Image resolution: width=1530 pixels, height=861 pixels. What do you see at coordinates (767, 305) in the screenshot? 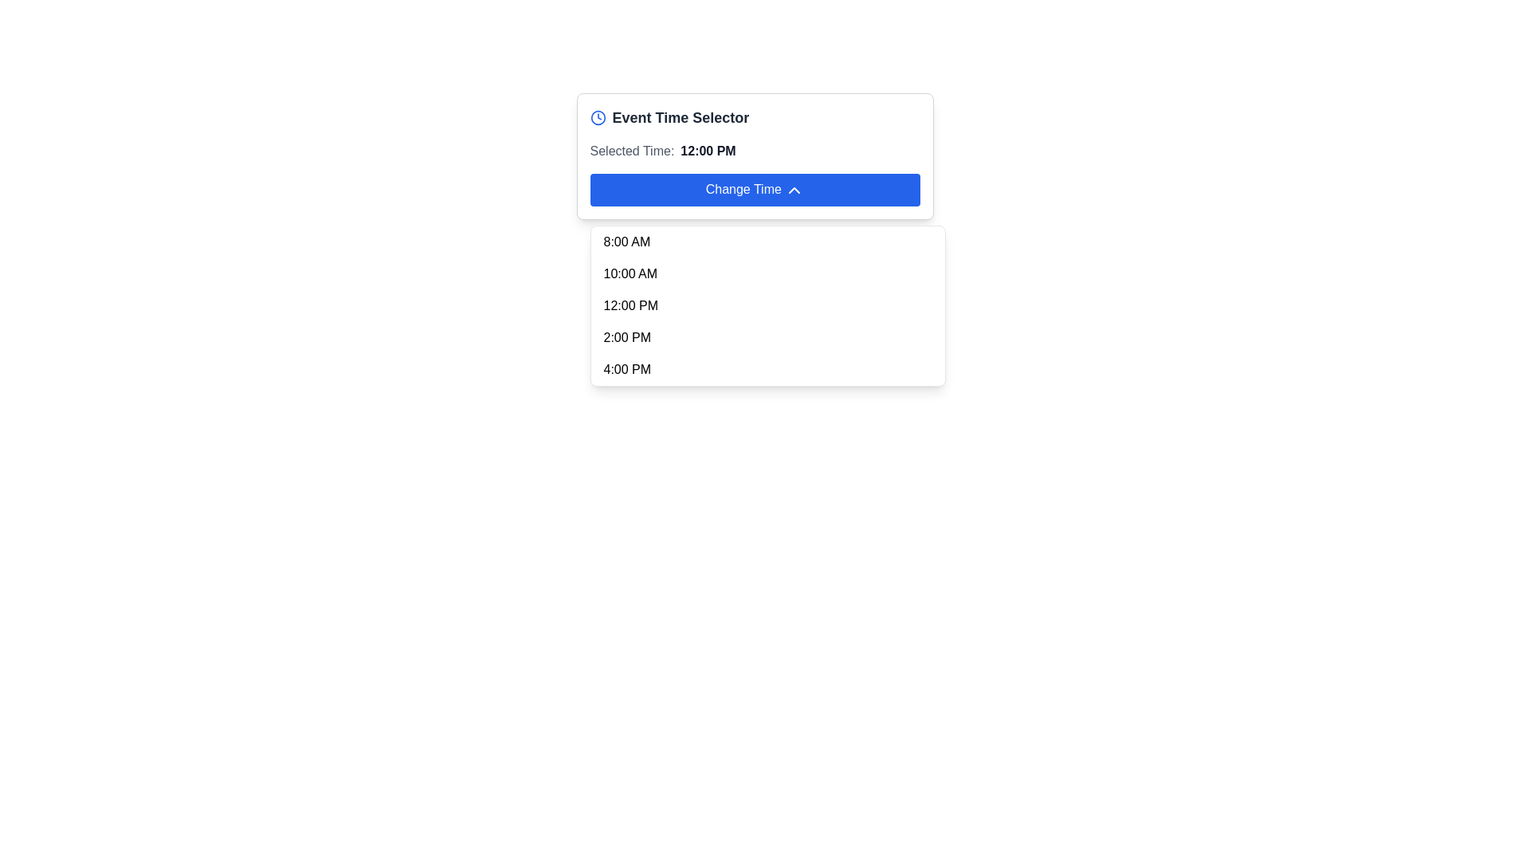
I see `a listed time in the dropdown menu located below the 'Change Time' button in the 'Event Time Selector' dialog box` at bounding box center [767, 305].